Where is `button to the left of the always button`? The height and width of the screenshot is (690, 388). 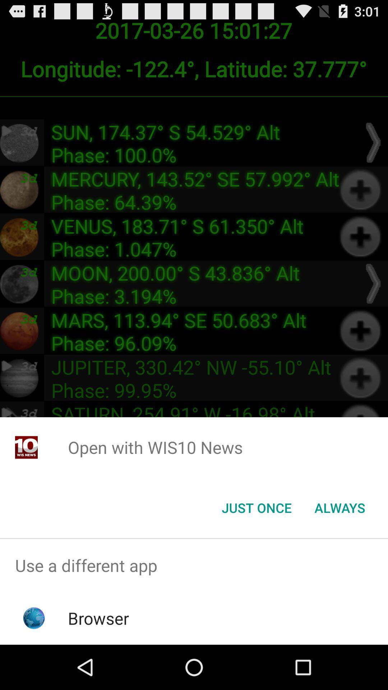
button to the left of the always button is located at coordinates (256, 507).